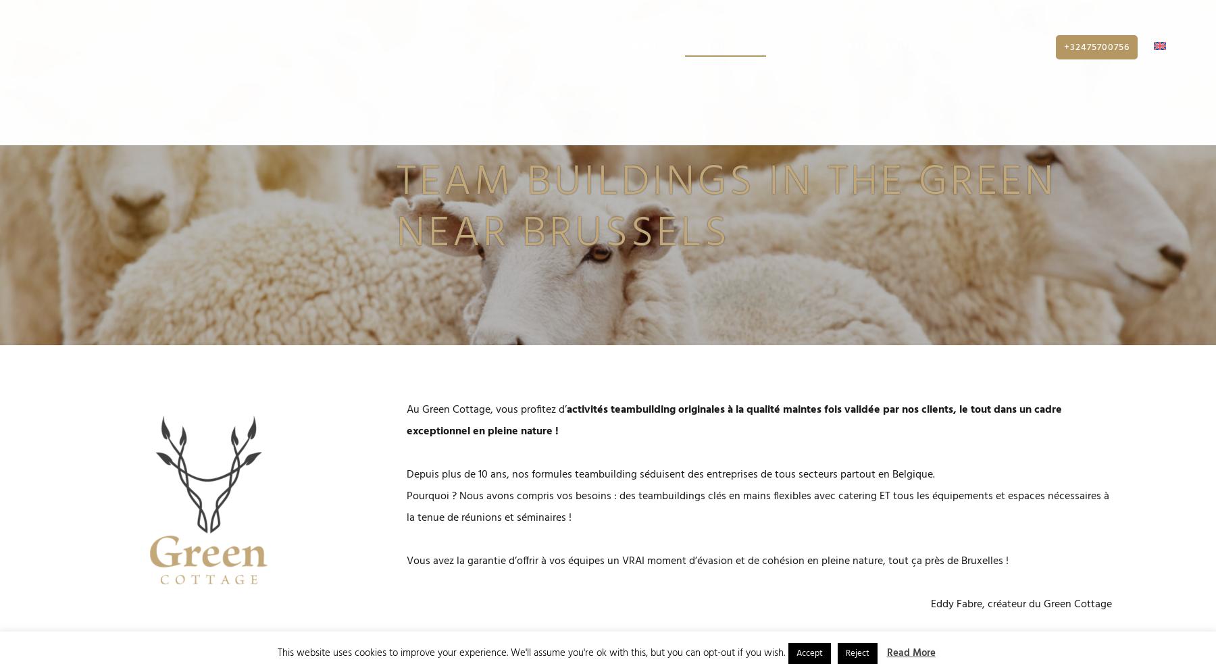  I want to click on '+32475700756', so click(1096, 53).